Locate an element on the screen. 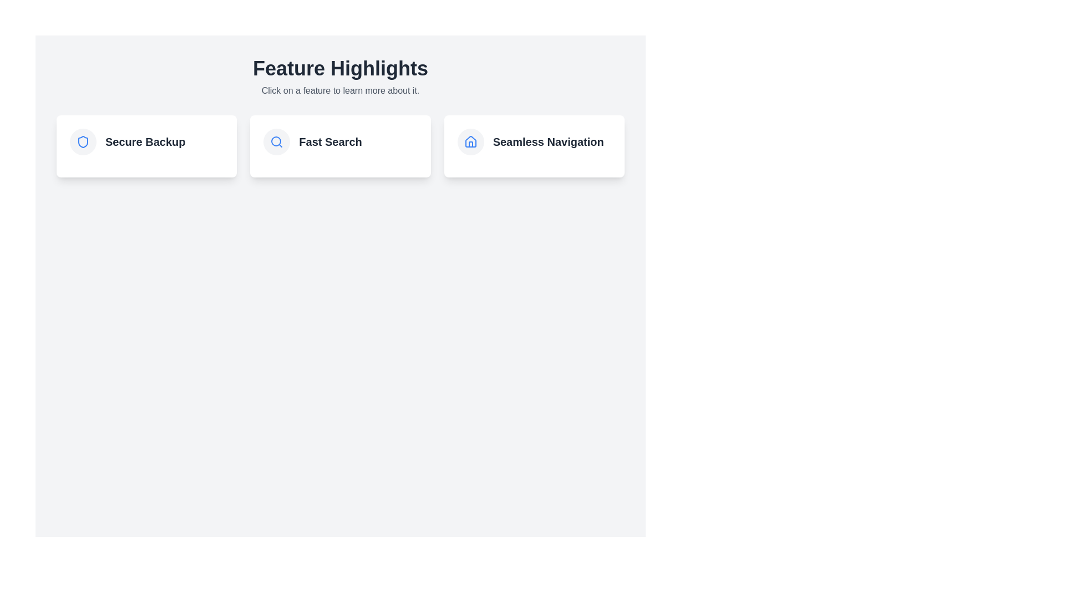  the 'Seamless Navigation' feature highlight element, which consists of an icon with a light gray circular background and bold text on the right is located at coordinates (534, 141).